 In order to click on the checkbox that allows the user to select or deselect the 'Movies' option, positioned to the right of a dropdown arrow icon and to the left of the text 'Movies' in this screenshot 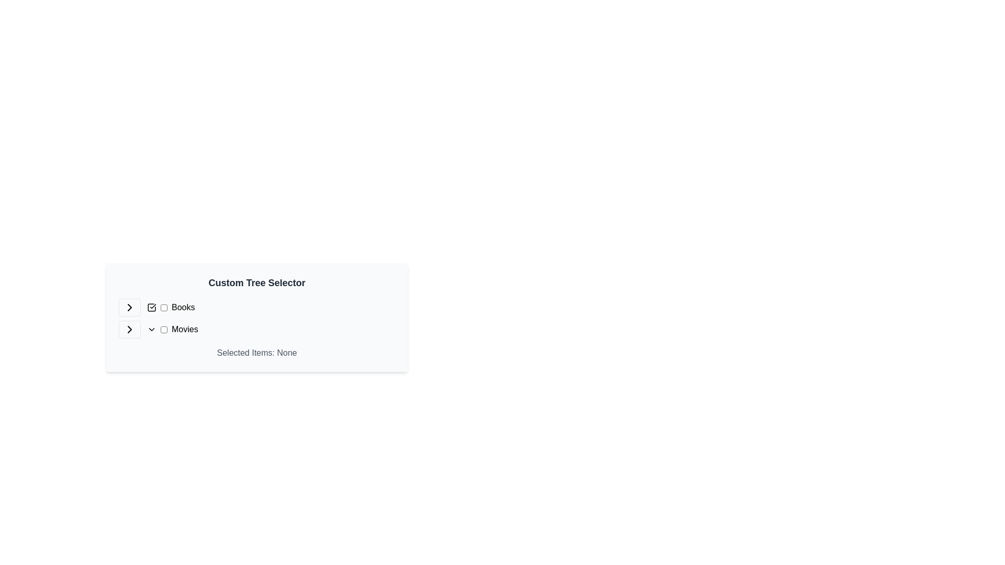, I will do `click(163, 329)`.